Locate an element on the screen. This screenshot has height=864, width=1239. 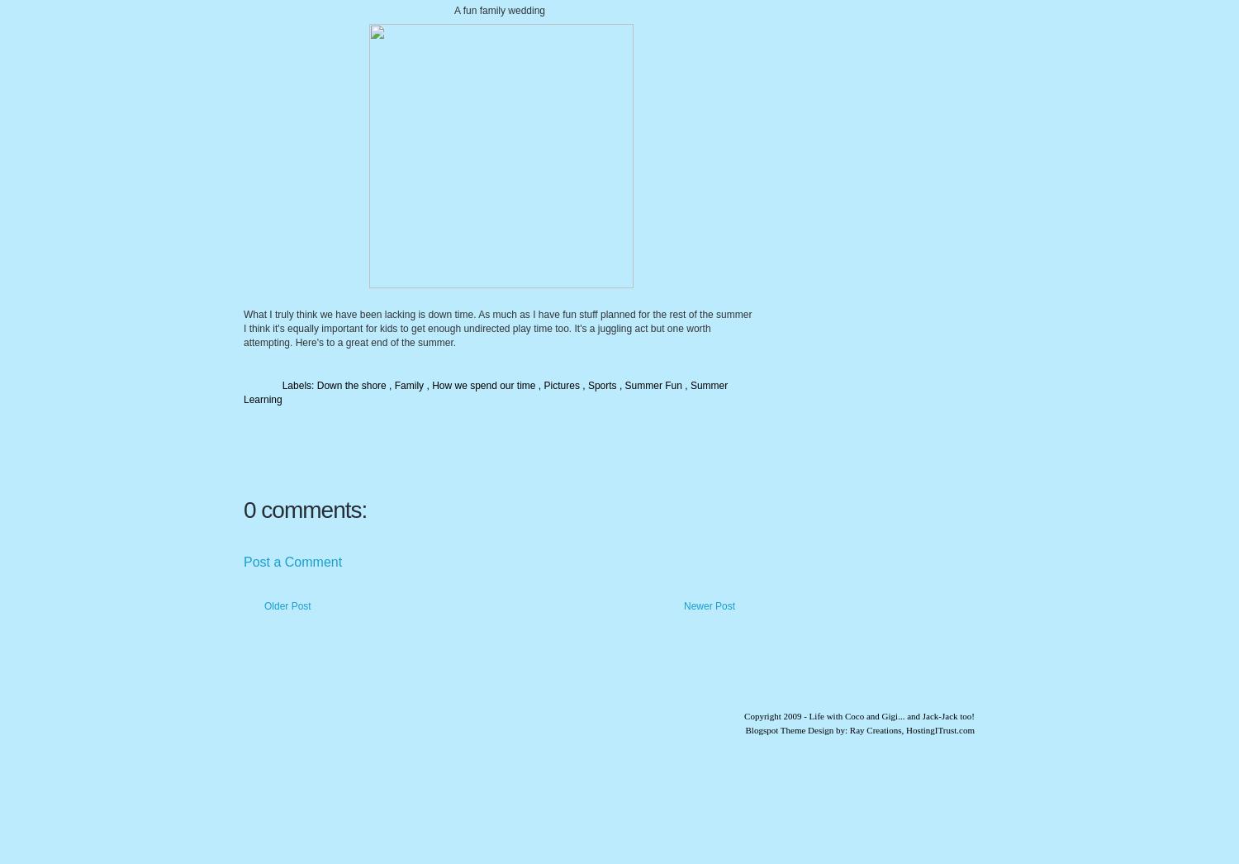
'Ray Creations' is located at coordinates (875, 729).